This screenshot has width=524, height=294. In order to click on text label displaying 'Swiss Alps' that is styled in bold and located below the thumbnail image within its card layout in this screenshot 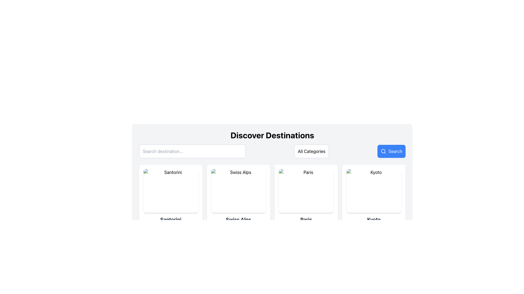, I will do `click(238, 219)`.